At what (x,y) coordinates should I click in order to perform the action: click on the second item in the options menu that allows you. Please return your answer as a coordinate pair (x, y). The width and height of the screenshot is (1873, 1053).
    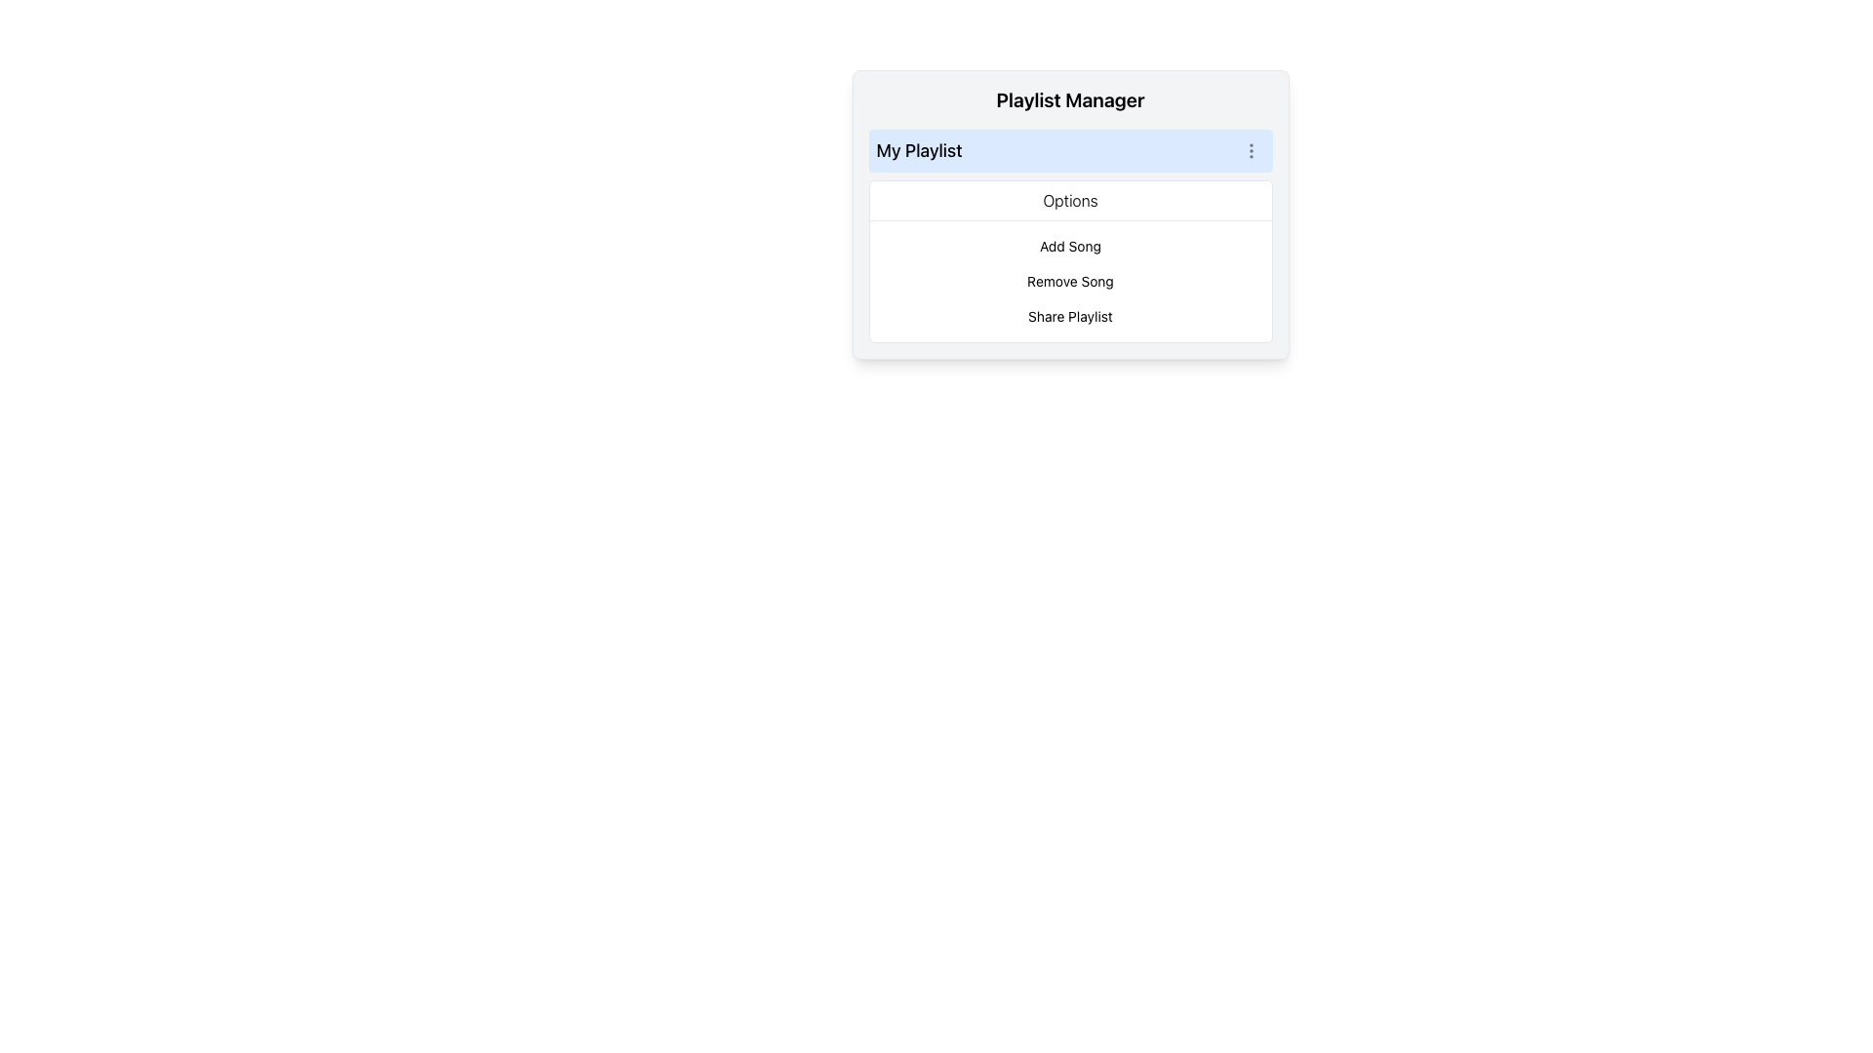
    Looking at the image, I should click on (1069, 282).